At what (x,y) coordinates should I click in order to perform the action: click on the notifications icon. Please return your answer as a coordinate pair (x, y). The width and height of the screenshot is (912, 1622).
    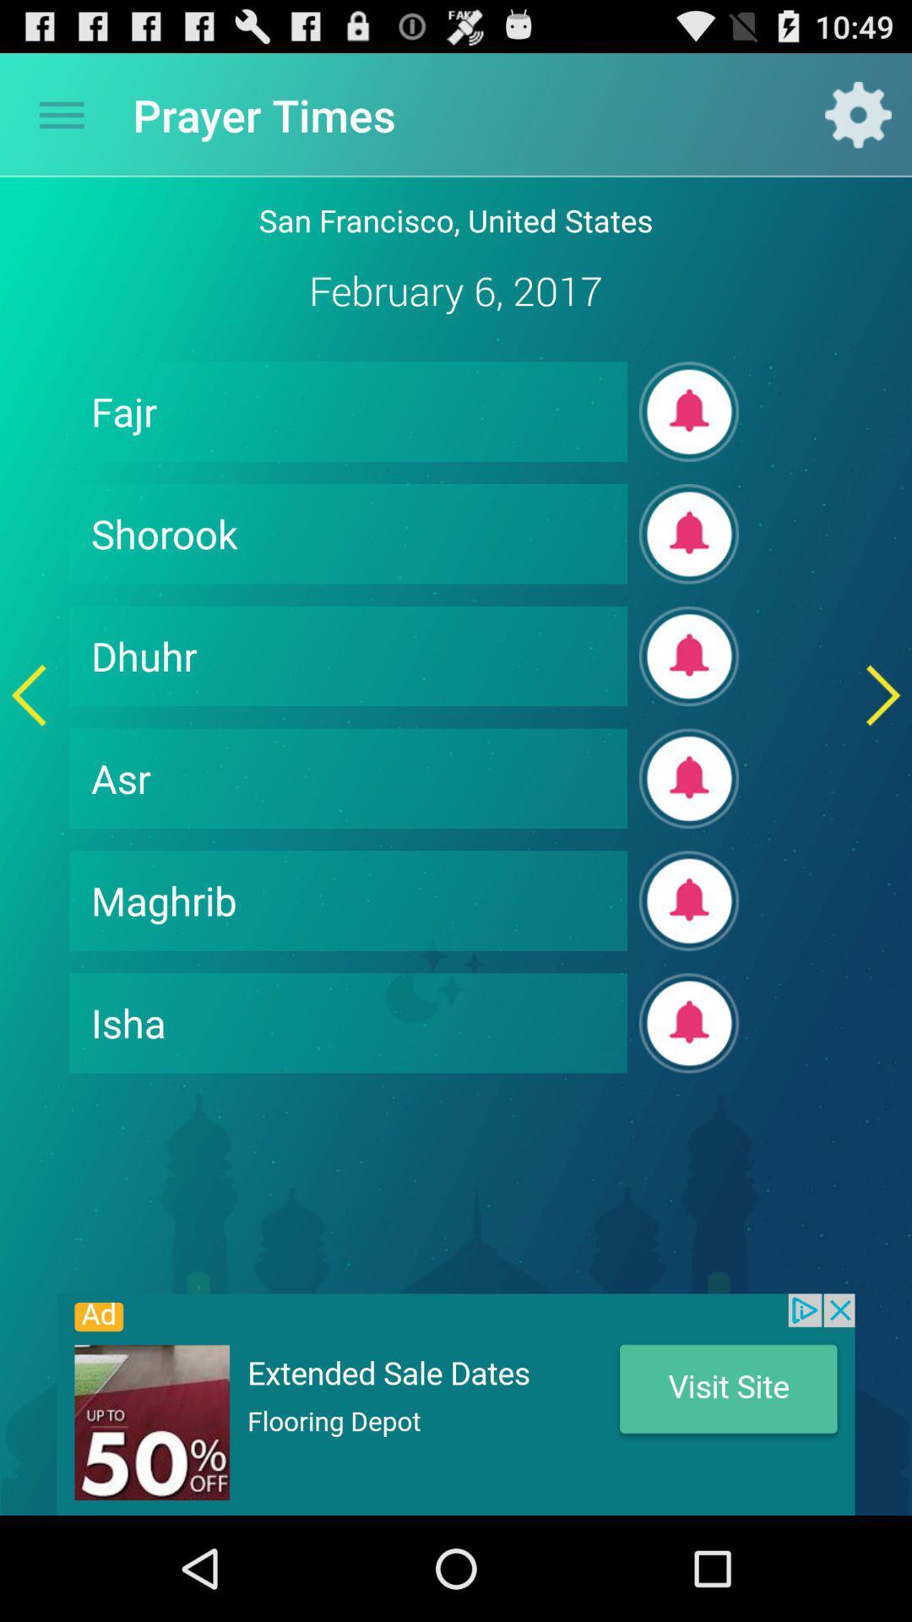
    Looking at the image, I should click on (689, 833).